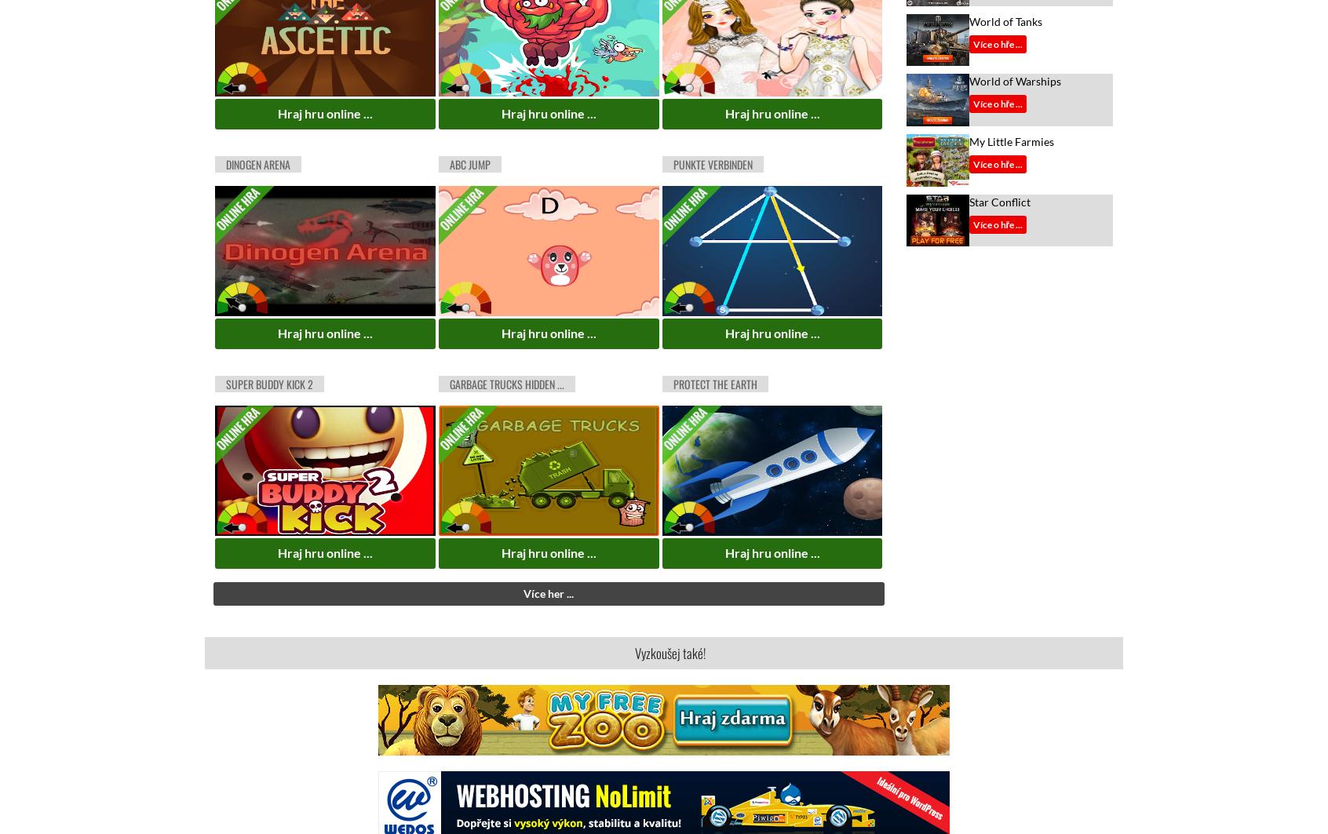 Image resolution: width=1328 pixels, height=834 pixels. What do you see at coordinates (1013, 81) in the screenshot?
I see `'World of Warships'` at bounding box center [1013, 81].